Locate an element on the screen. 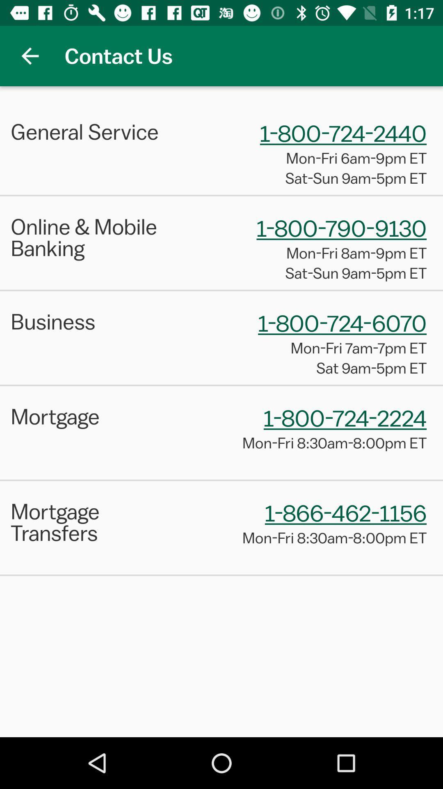 This screenshot has height=789, width=443. the app next to the contact us item is located at coordinates (30, 55).